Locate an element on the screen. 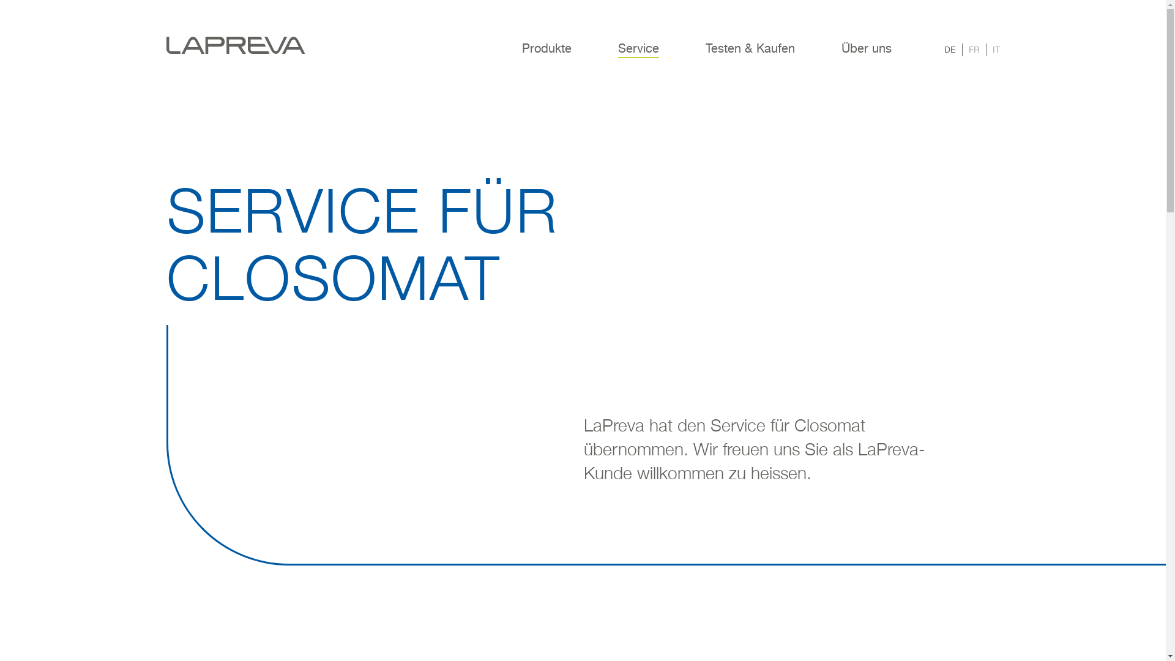 The width and height of the screenshot is (1175, 661). 'IT' is located at coordinates (996, 49).